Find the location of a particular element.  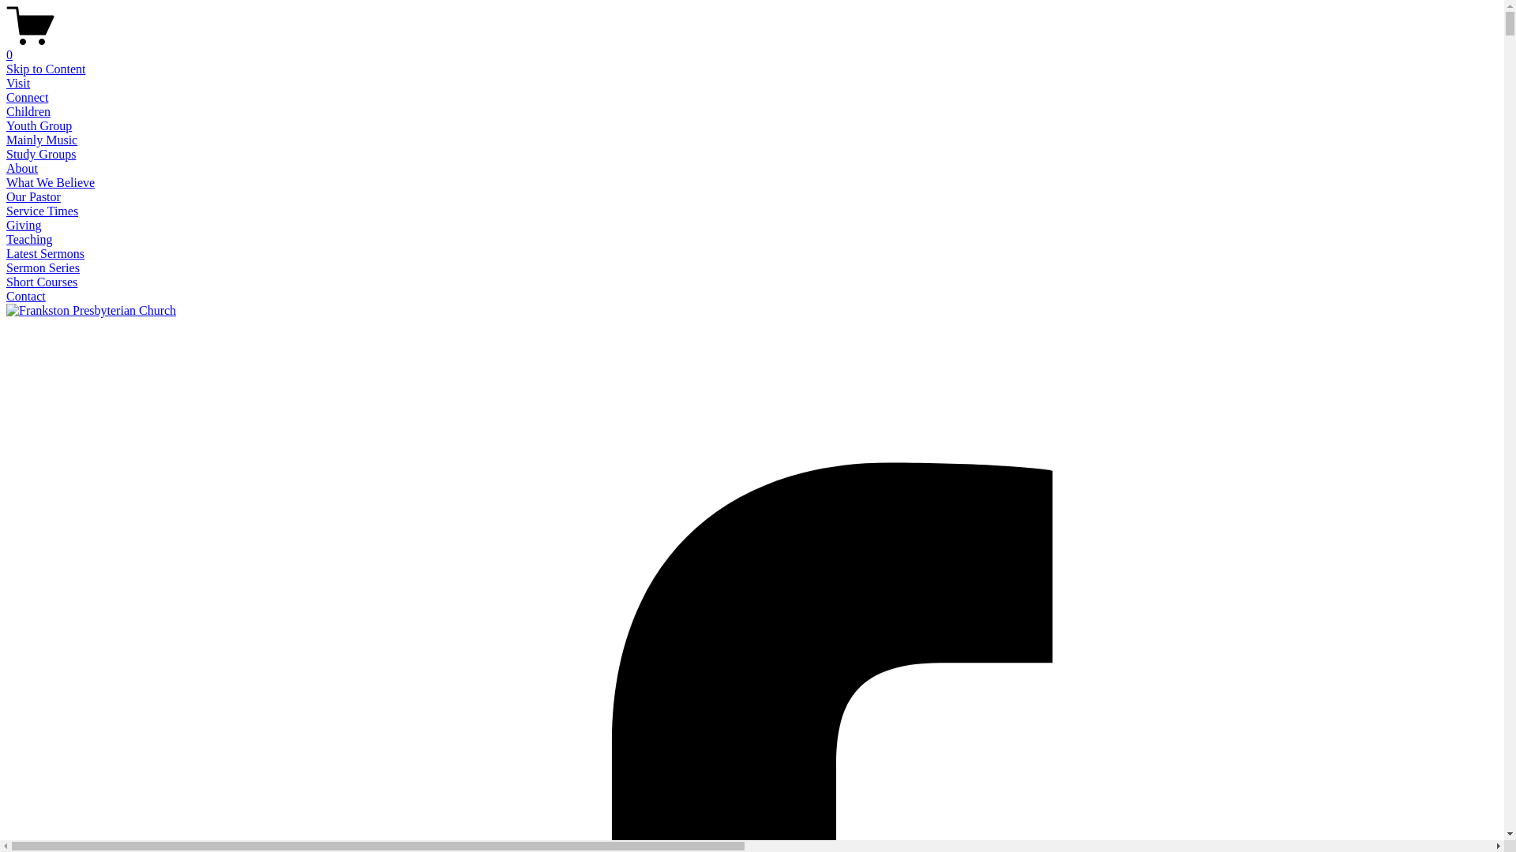

'Contact' is located at coordinates (26, 296).